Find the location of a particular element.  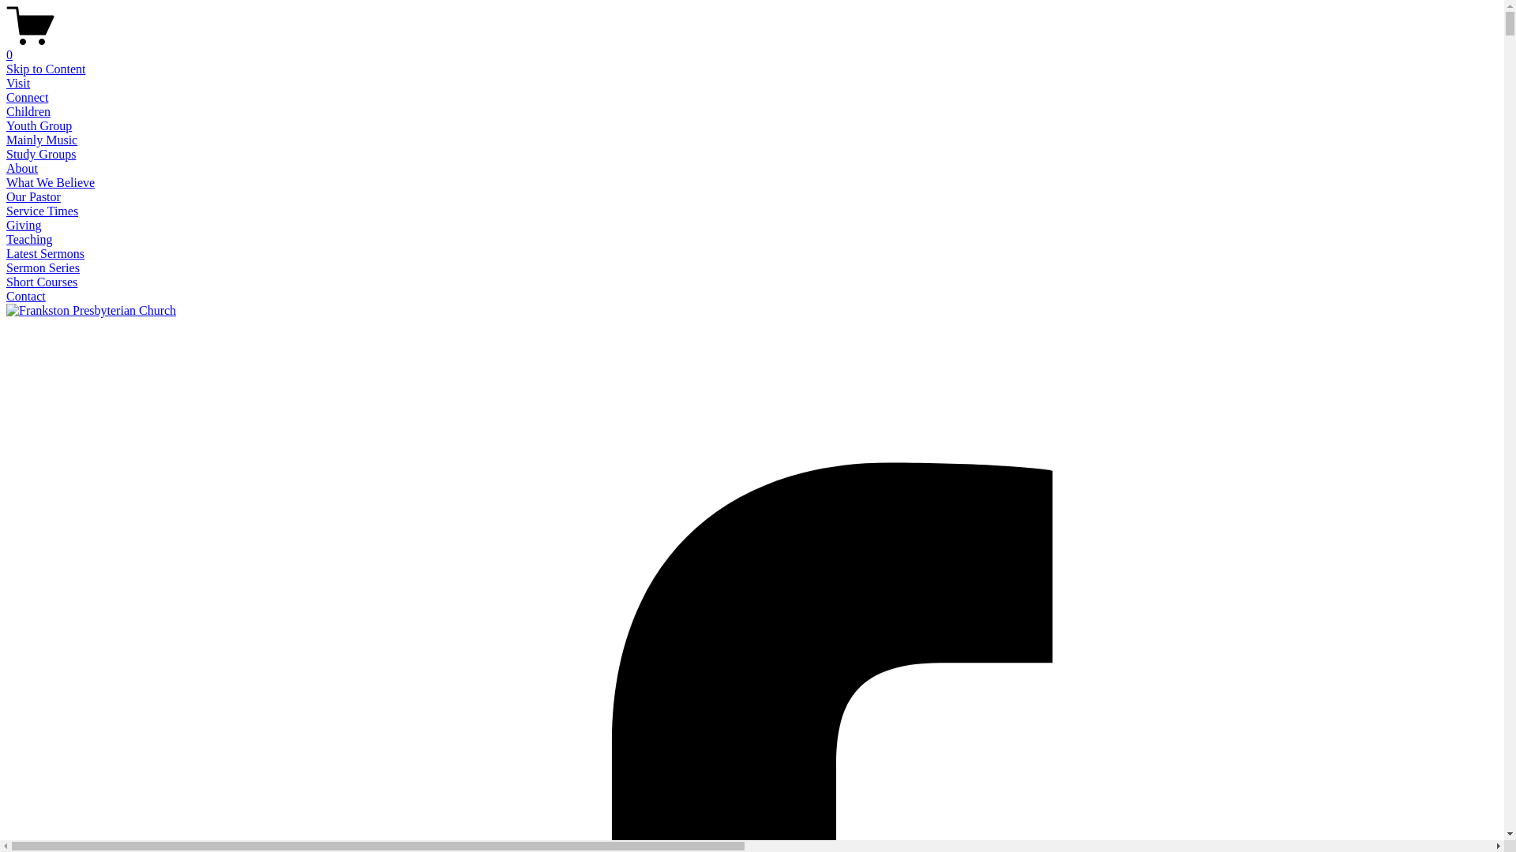

'Contact' is located at coordinates (26, 296).